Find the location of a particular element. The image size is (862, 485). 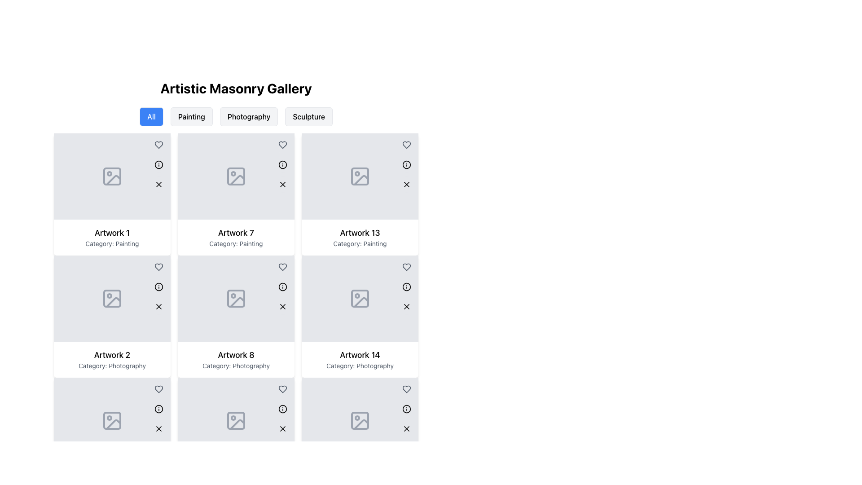

the circular heart icon button in the top-right corner of the grid card for Artwork 7 is located at coordinates (282, 145).